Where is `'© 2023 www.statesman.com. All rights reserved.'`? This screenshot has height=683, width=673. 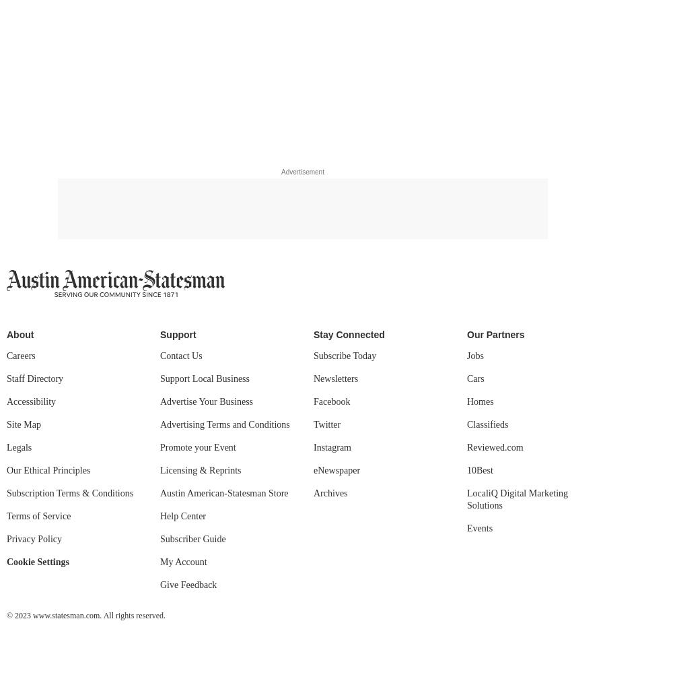 '© 2023 www.statesman.com. All rights reserved.' is located at coordinates (85, 615).